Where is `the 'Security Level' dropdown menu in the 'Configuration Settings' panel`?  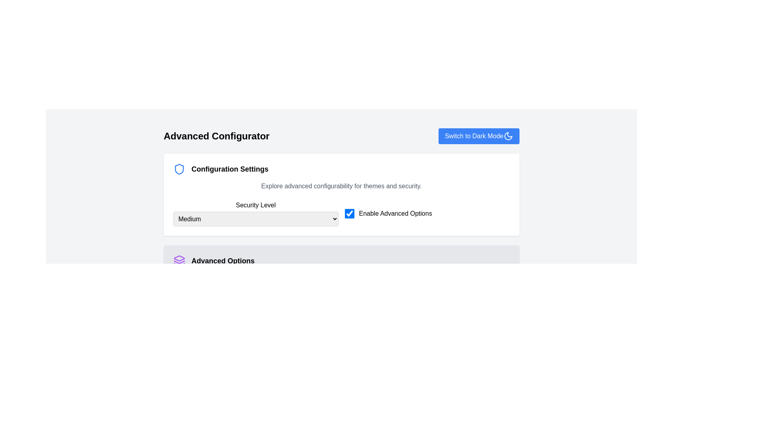
the 'Security Level' dropdown menu in the 'Configuration Settings' panel is located at coordinates (256, 213).